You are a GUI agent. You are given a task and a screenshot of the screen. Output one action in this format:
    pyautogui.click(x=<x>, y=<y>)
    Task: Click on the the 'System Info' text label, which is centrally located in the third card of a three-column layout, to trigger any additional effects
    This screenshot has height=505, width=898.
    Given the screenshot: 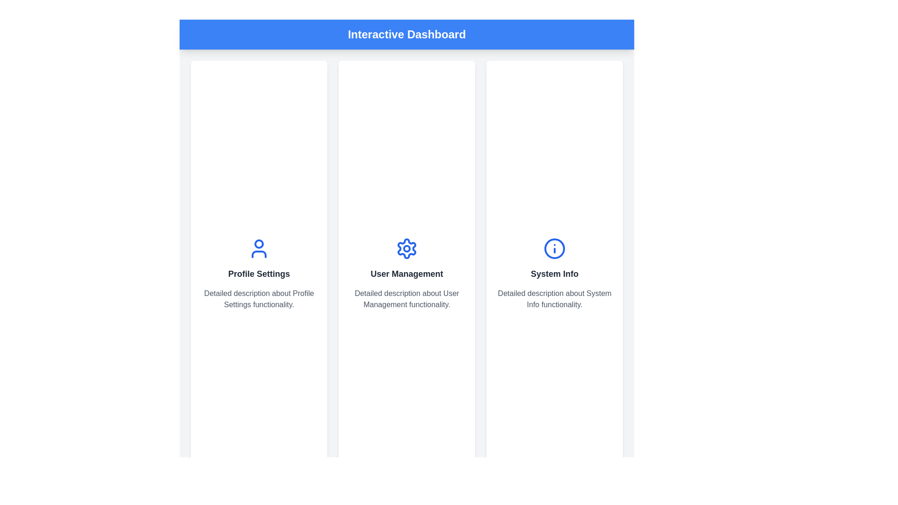 What is the action you would take?
    pyautogui.click(x=554, y=274)
    